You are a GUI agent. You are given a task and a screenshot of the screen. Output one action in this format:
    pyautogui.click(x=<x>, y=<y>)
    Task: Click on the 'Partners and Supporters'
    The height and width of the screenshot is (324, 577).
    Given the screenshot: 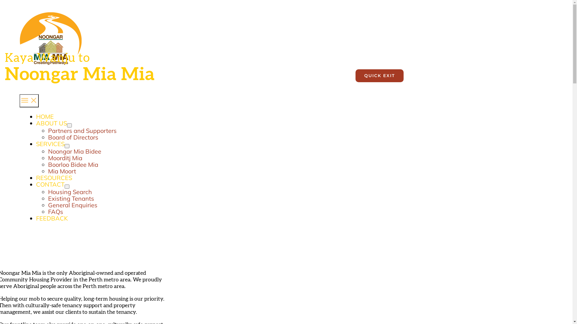 What is the action you would take?
    pyautogui.click(x=47, y=130)
    